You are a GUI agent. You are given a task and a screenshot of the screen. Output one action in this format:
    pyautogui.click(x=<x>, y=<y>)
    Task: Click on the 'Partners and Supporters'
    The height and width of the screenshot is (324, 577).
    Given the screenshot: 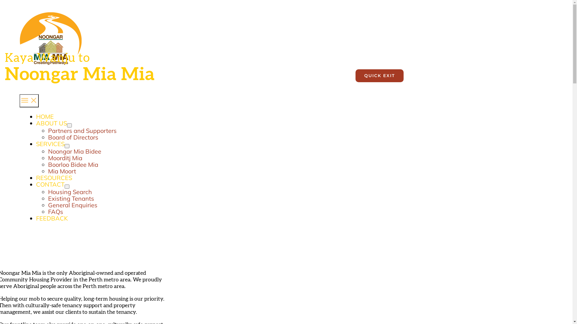 What is the action you would take?
    pyautogui.click(x=47, y=130)
    